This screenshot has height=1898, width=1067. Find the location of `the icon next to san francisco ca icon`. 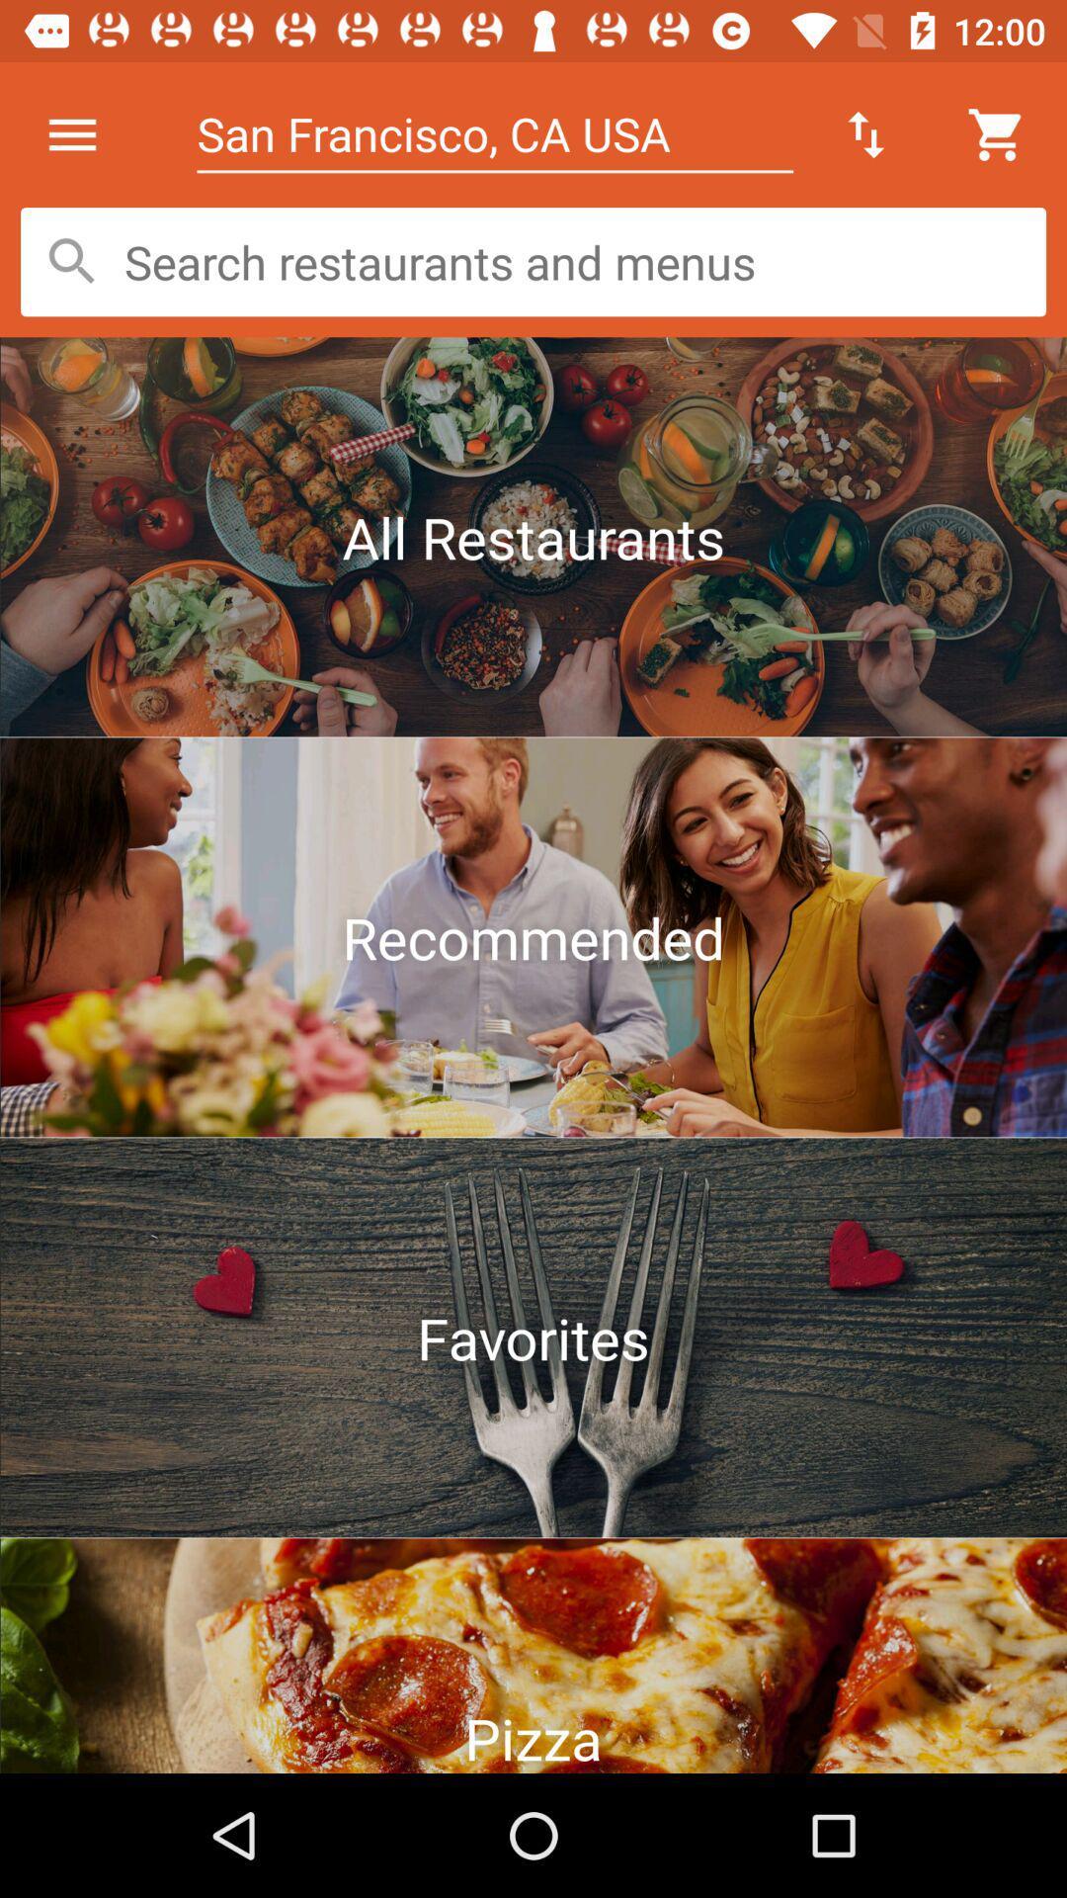

the icon next to san francisco ca icon is located at coordinates (71, 133).